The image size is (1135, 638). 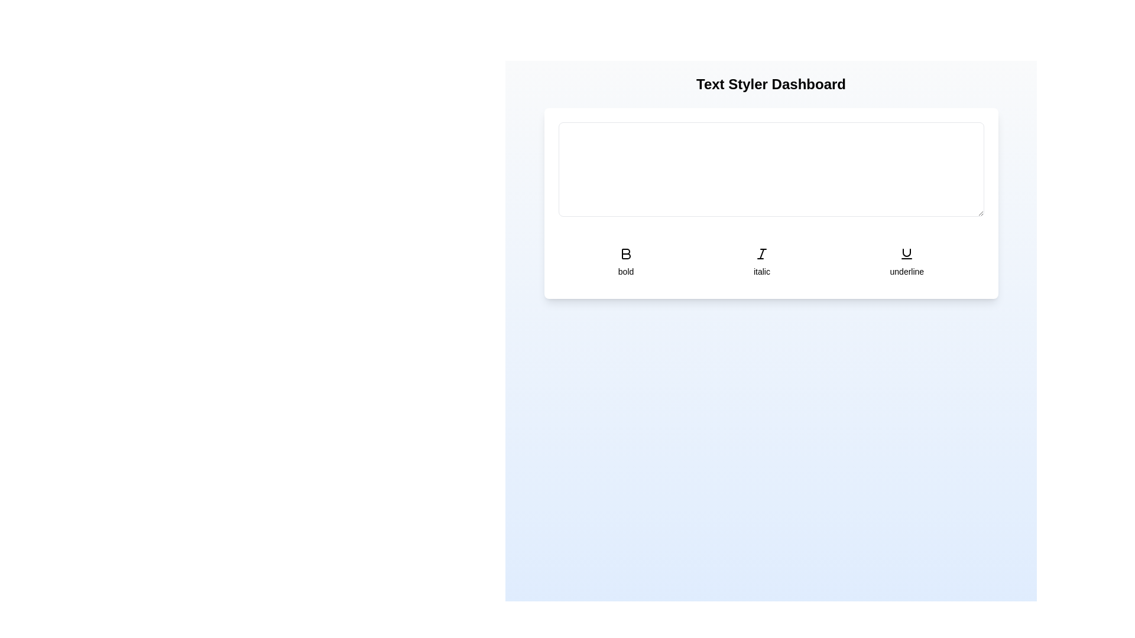 I want to click on the italic button to toggle italic styling for the text, so click(x=761, y=261).